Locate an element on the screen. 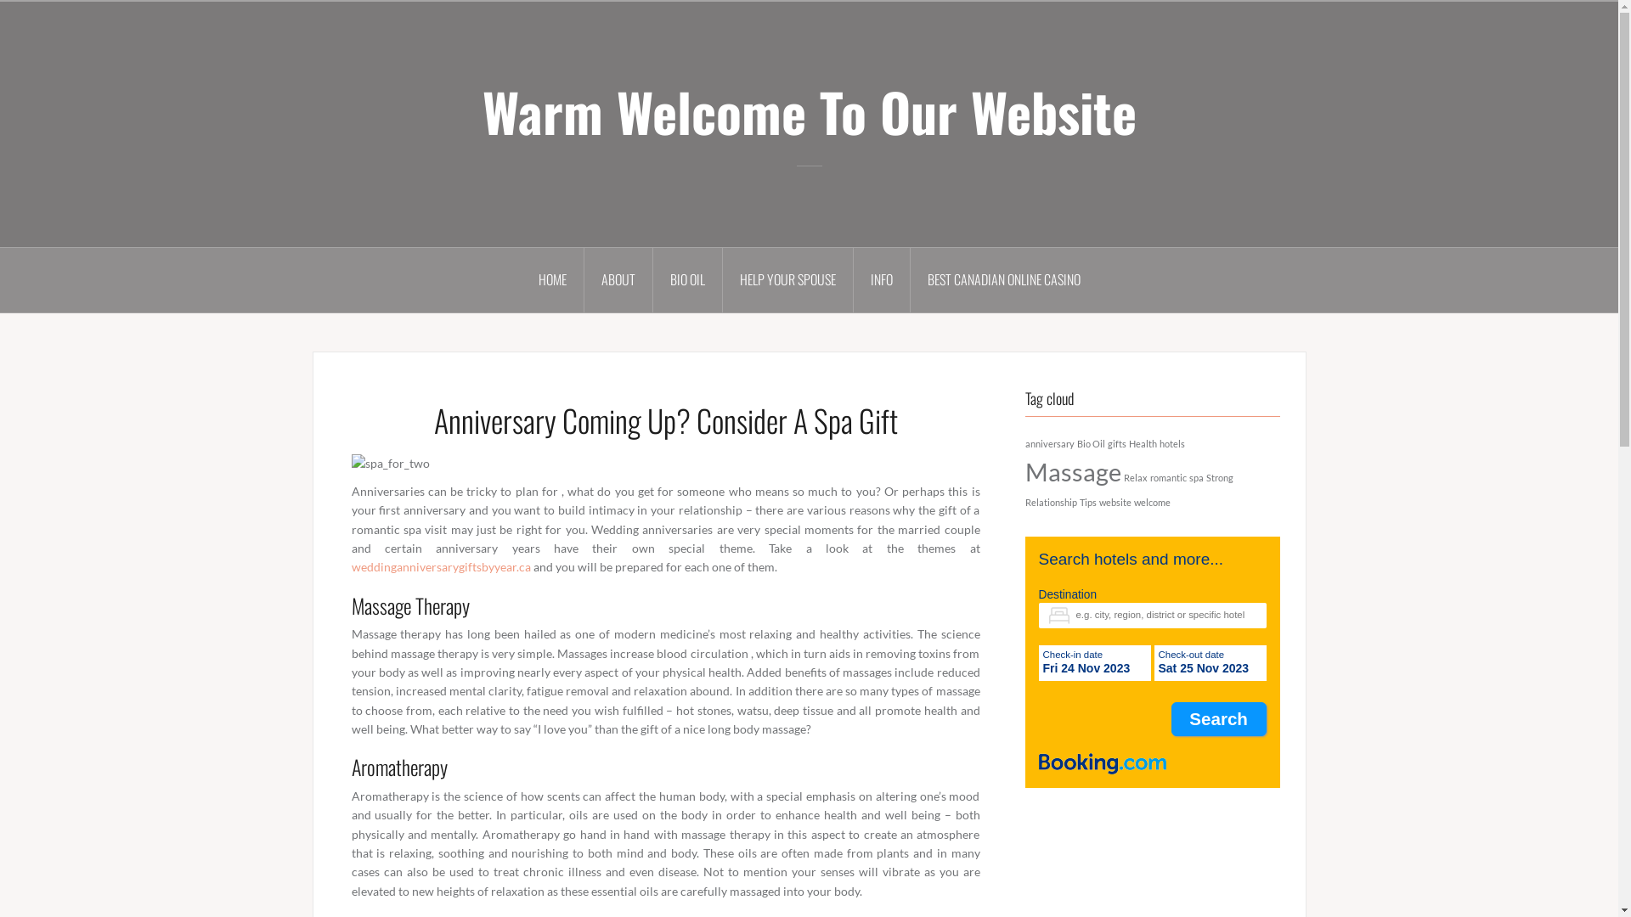  'HELP YOUR SPOUSE' is located at coordinates (786, 279).